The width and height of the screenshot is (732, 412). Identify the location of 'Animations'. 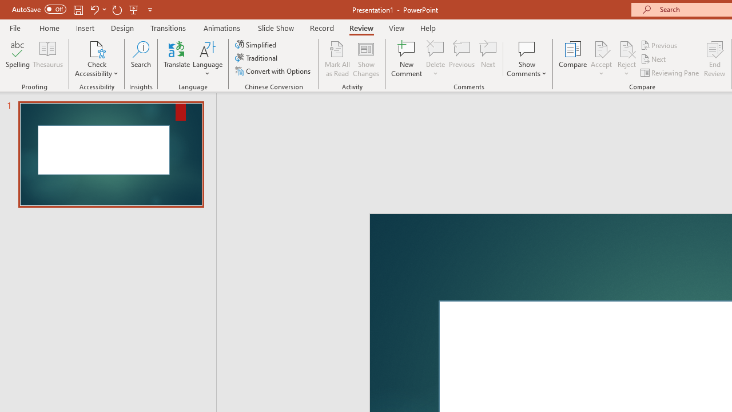
(222, 27).